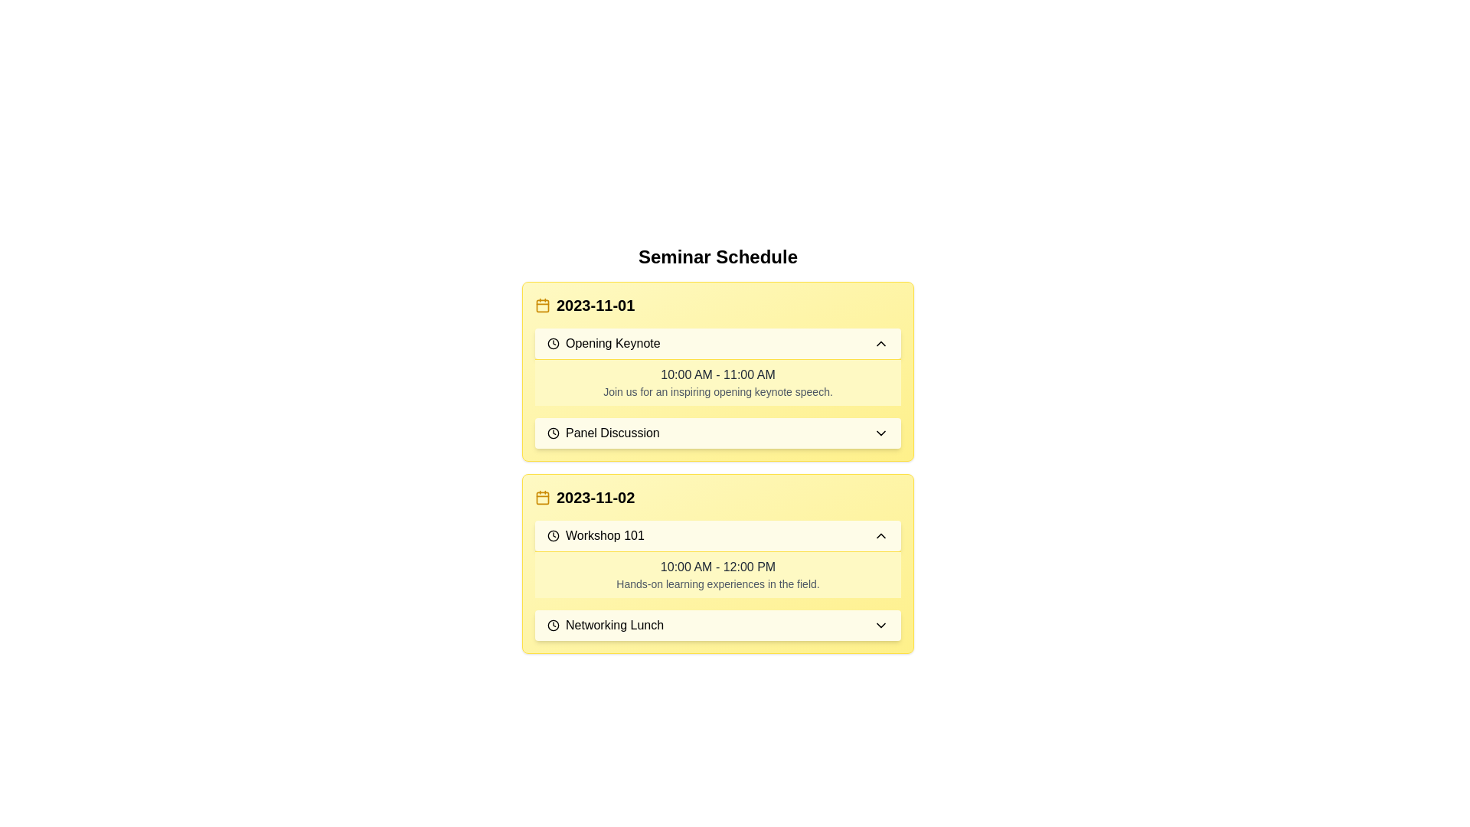 This screenshot has height=827, width=1470. Describe the element at coordinates (543, 305) in the screenshot. I see `the decorative rectangle within the SVG element of the calendar icon` at that location.